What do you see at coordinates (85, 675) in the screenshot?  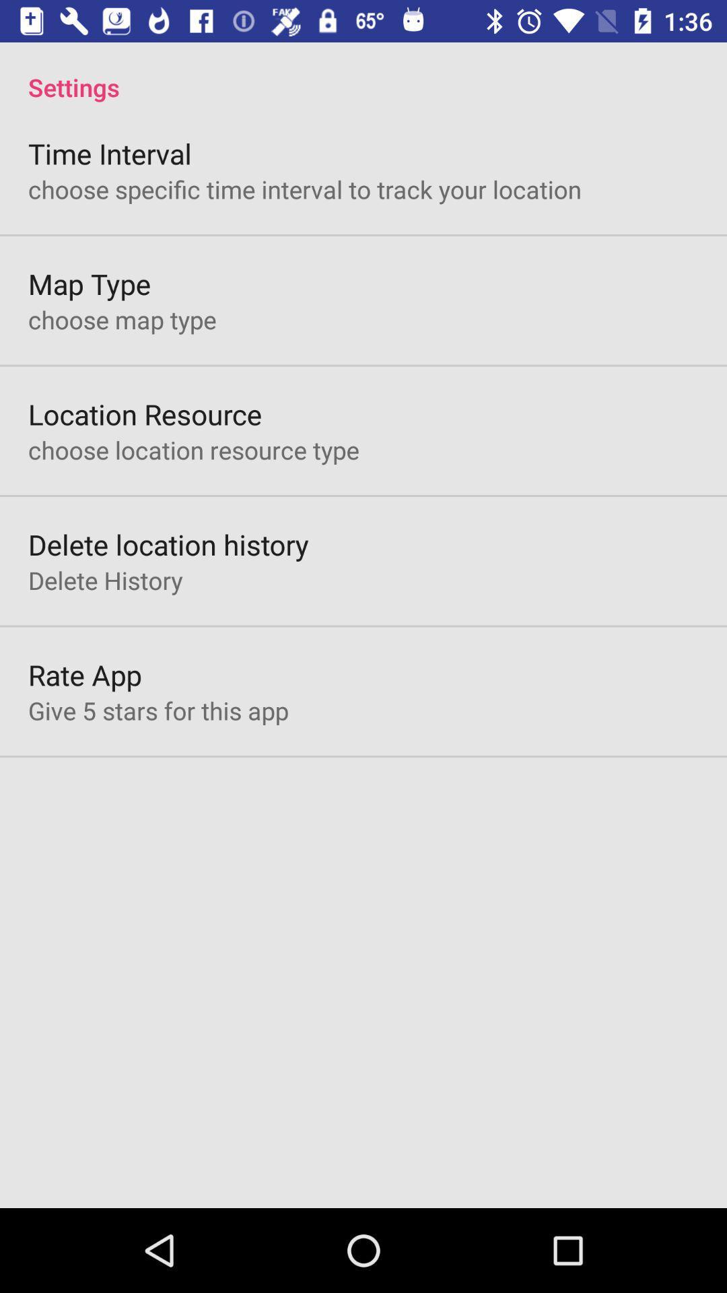 I see `rate app item` at bounding box center [85, 675].